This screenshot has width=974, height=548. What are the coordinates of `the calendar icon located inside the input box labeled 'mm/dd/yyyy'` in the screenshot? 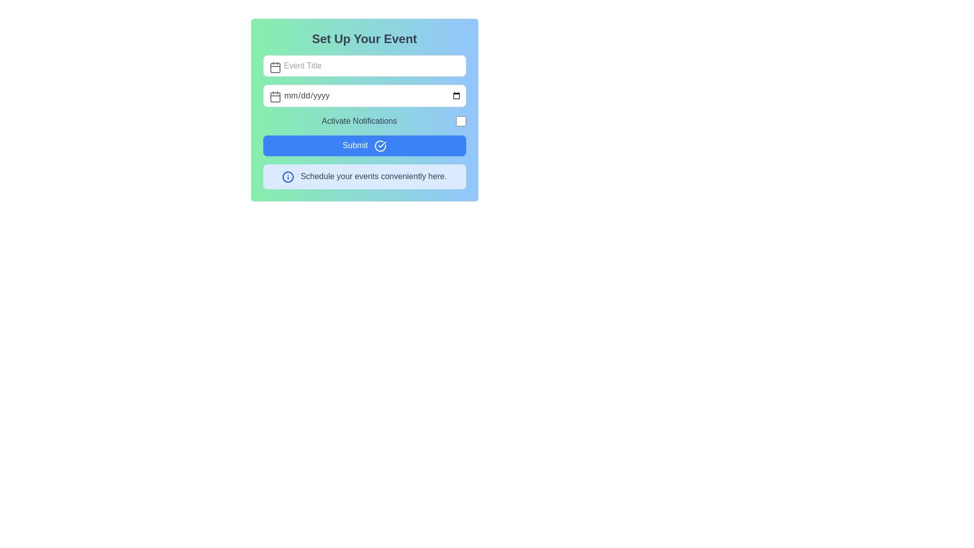 It's located at (275, 97).